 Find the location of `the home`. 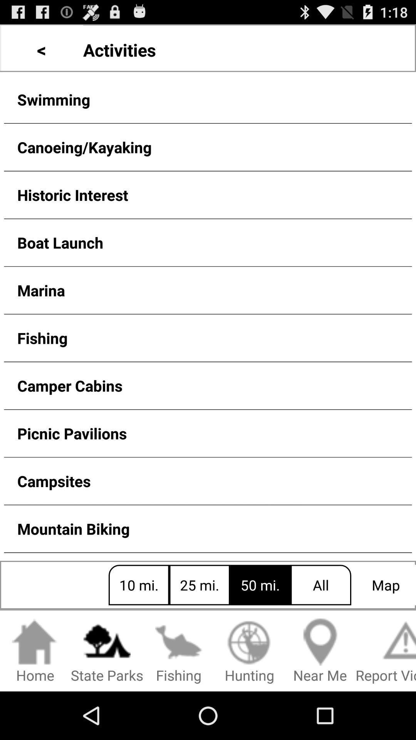

the home is located at coordinates (35, 651).